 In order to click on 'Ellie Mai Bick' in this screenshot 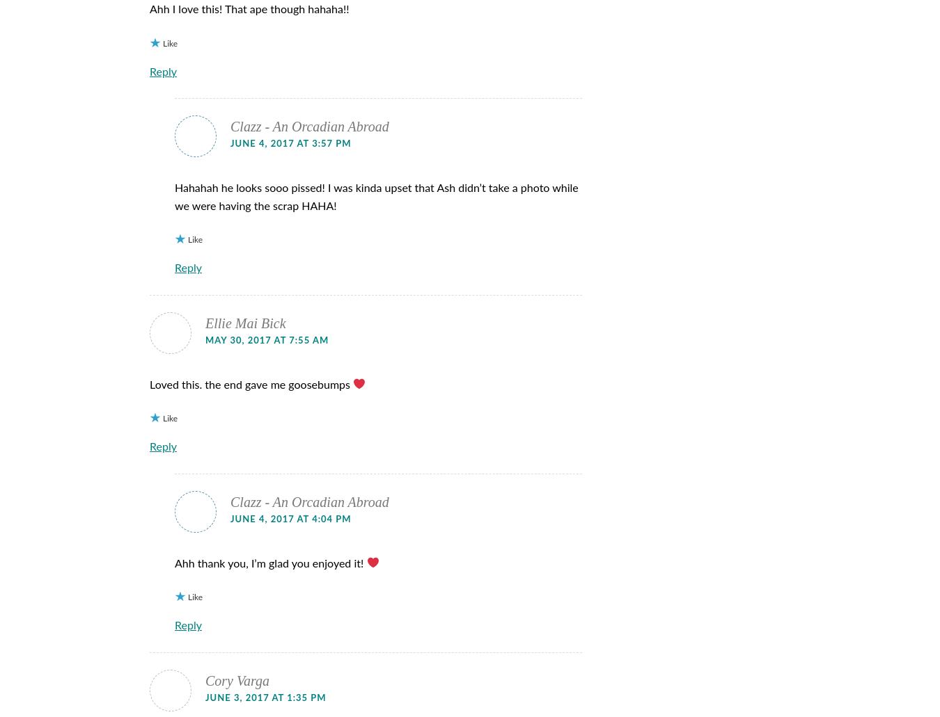, I will do `click(245, 322)`.